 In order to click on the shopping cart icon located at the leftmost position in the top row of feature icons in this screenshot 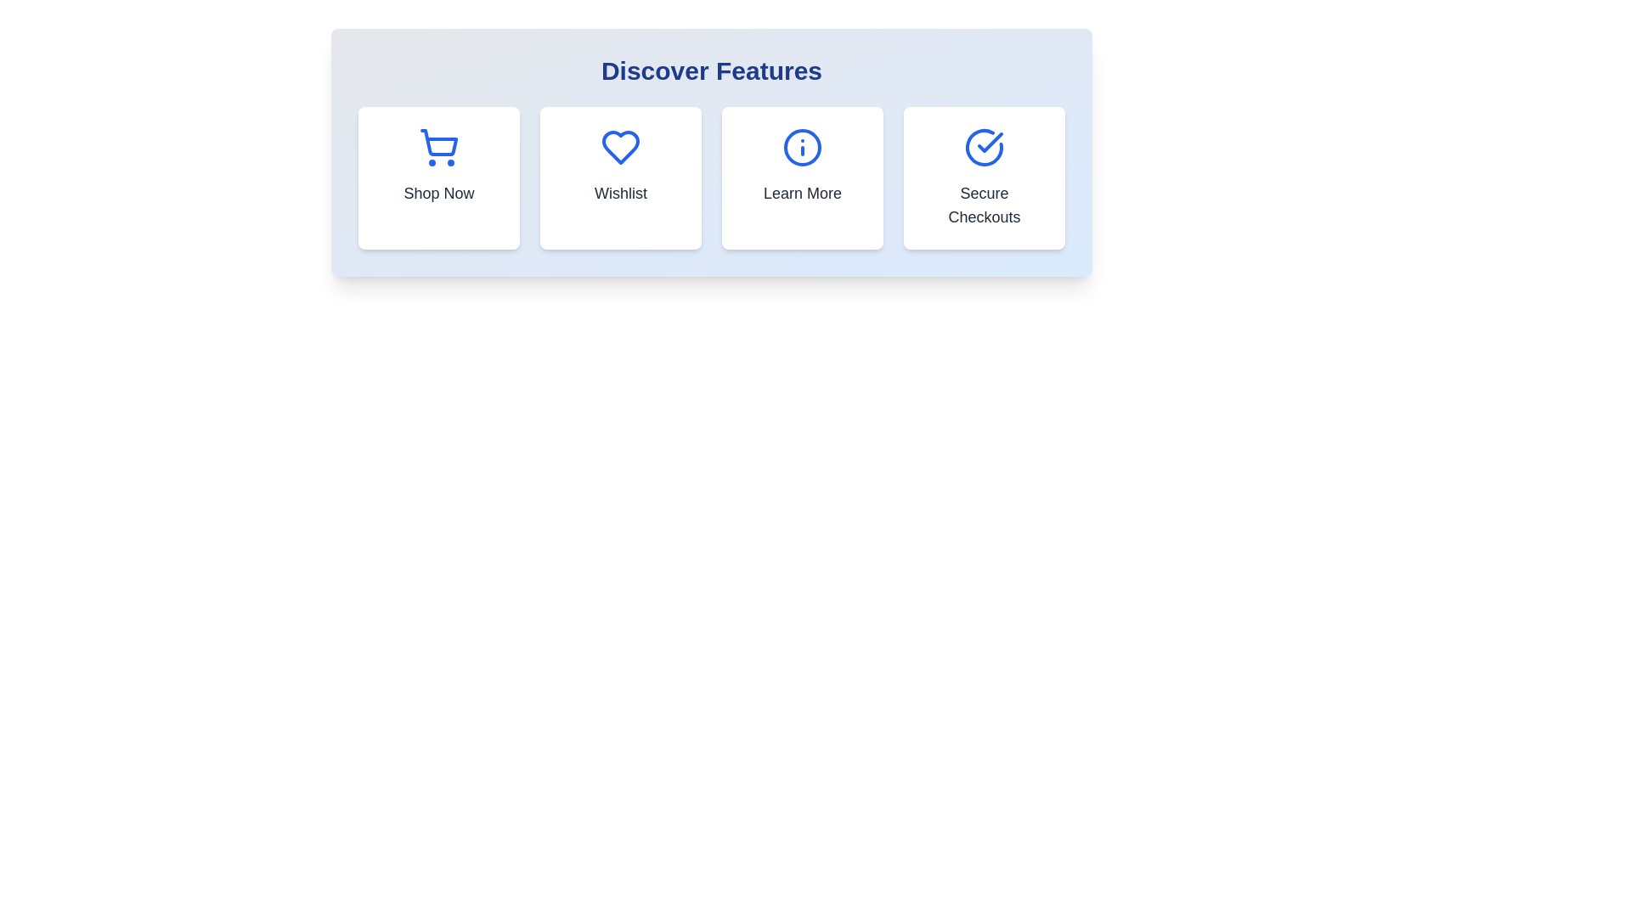, I will do `click(439, 142)`.